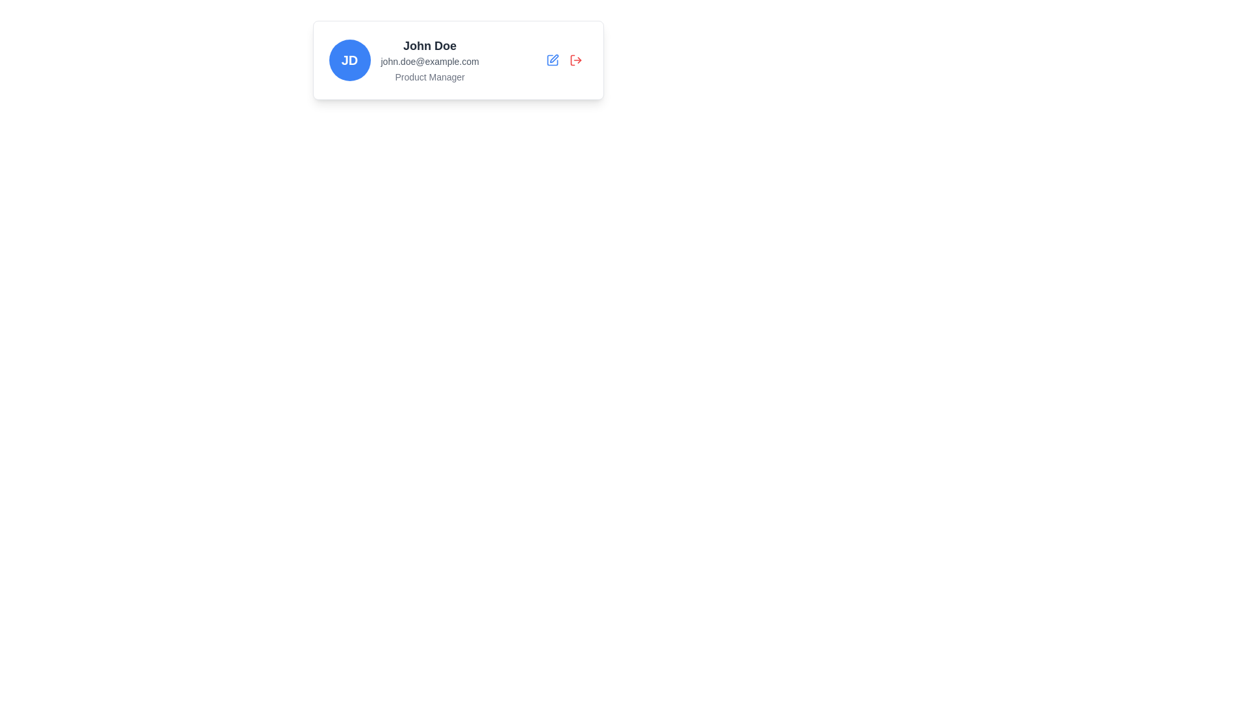 The width and height of the screenshot is (1247, 701). Describe the element at coordinates (552, 60) in the screenshot. I see `the pen icon located in the top-right corner of the user profile card` at that location.